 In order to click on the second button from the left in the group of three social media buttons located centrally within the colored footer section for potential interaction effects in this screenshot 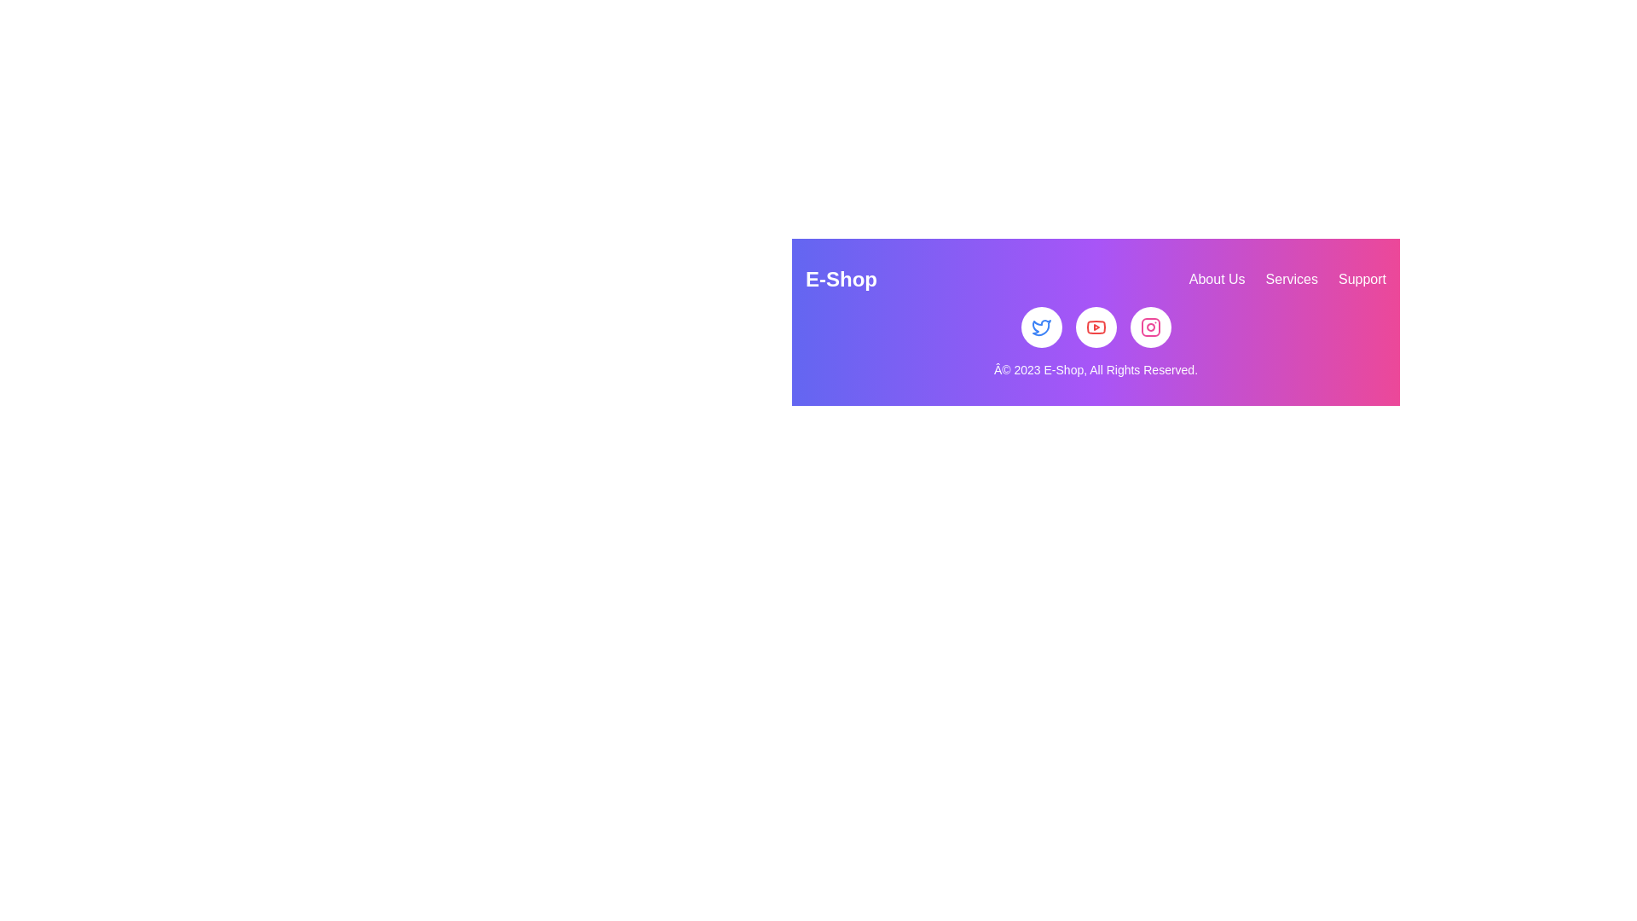, I will do `click(1096, 327)`.